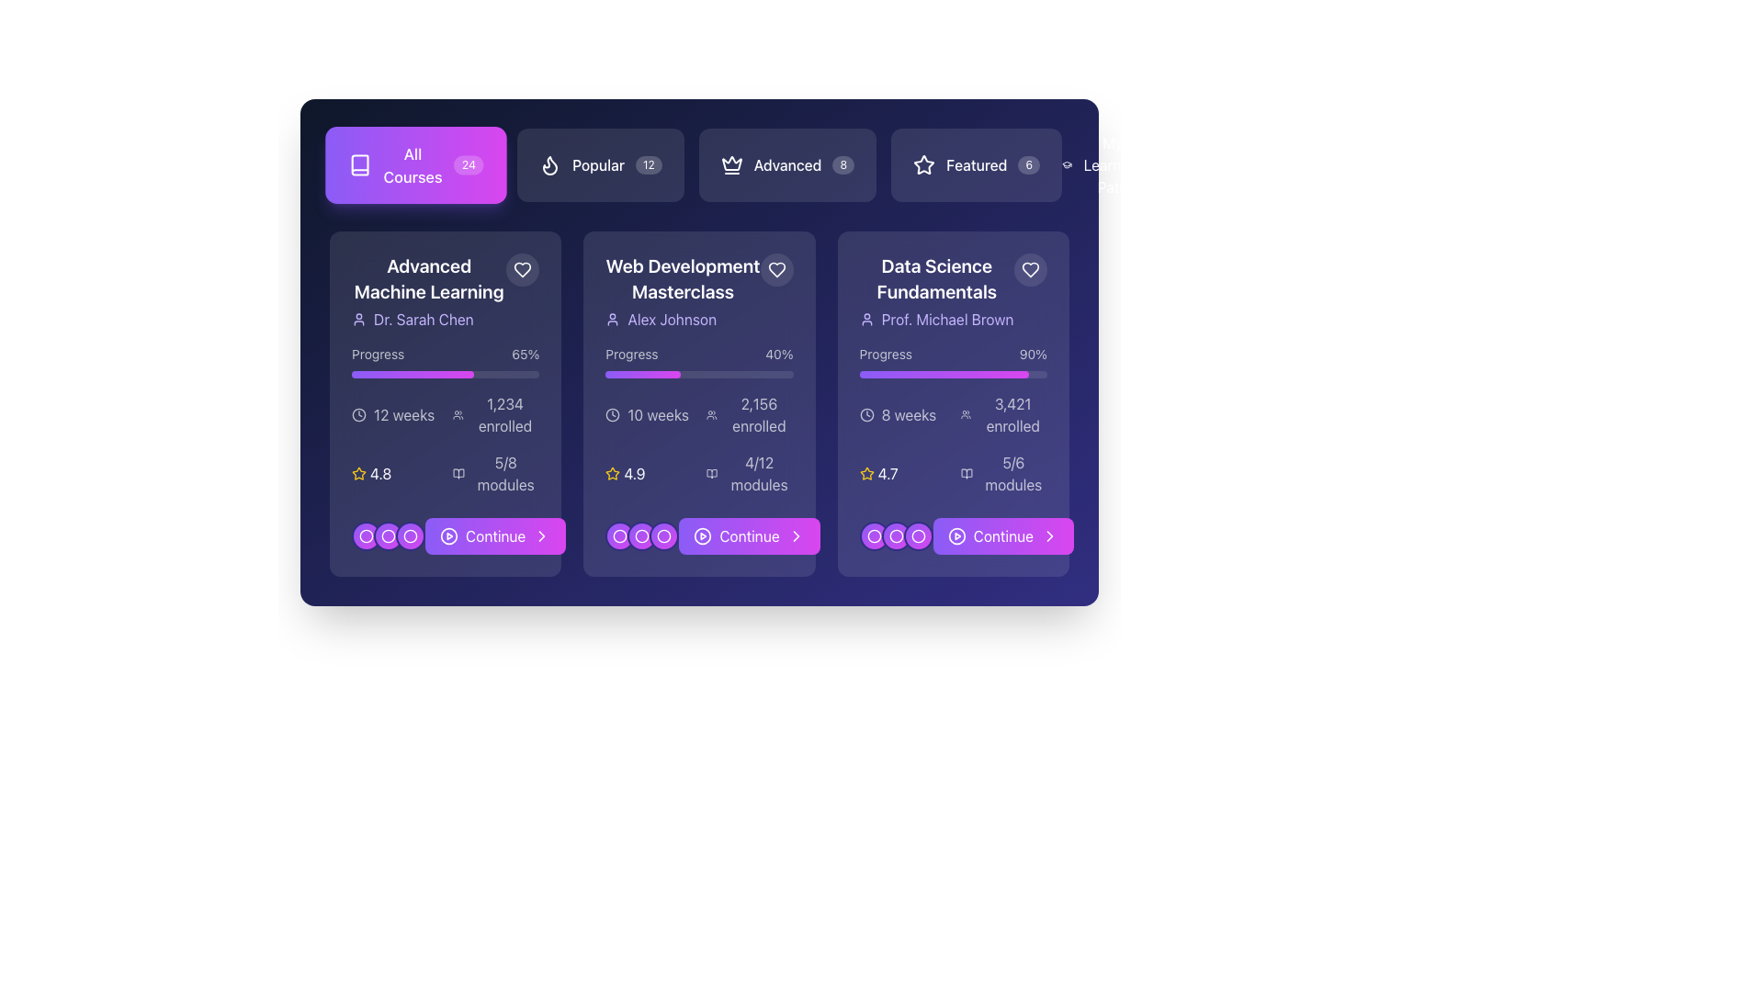 This screenshot has width=1764, height=992. Describe the element at coordinates (387, 535) in the screenshot. I see `the second circular icon with a violet-to-fuchsia gradient background and a white outline, located below the text 'Advanced Machine Learning' and adjacent to the 'Continue' button` at that location.